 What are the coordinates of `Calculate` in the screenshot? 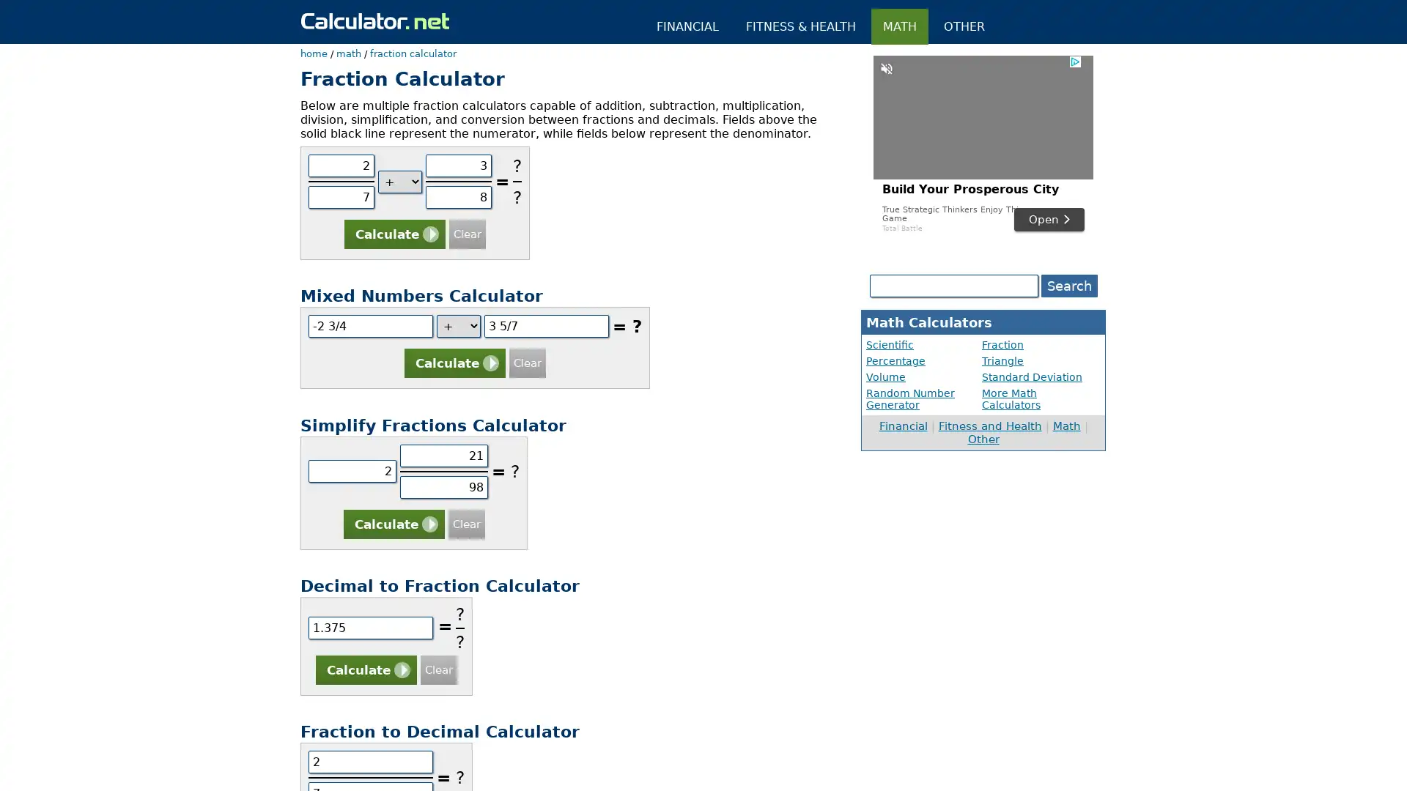 It's located at (394, 522).